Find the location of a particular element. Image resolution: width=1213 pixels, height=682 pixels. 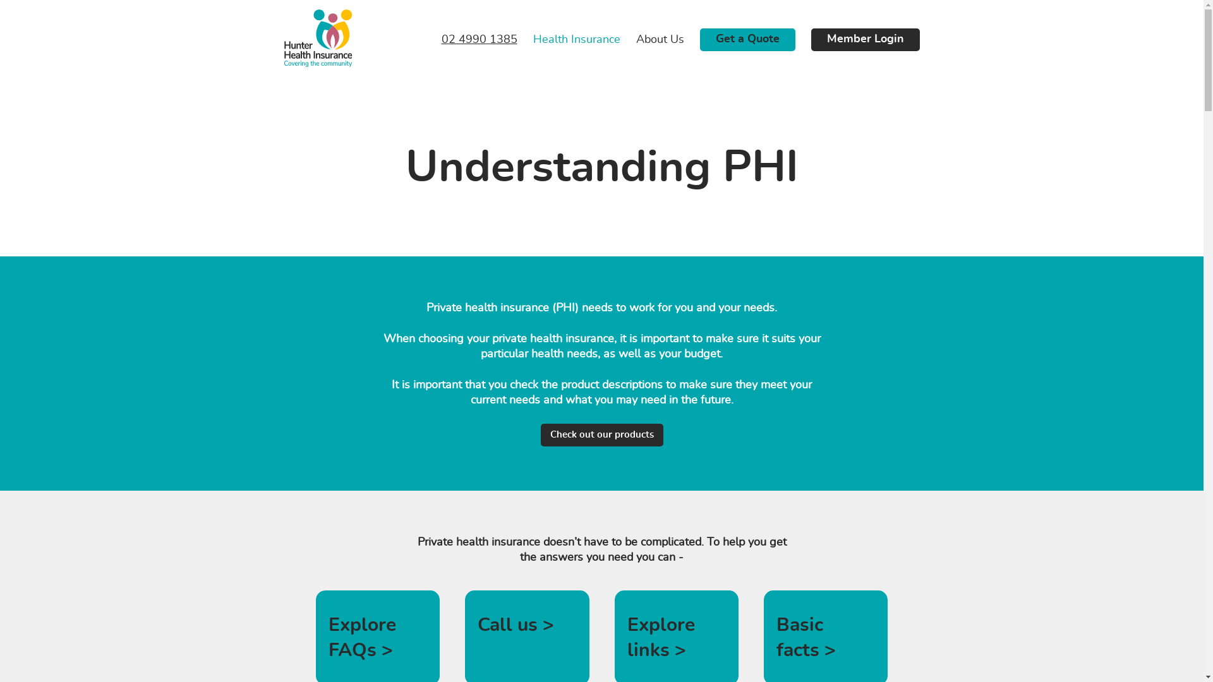

'Call us >' is located at coordinates (516, 625).